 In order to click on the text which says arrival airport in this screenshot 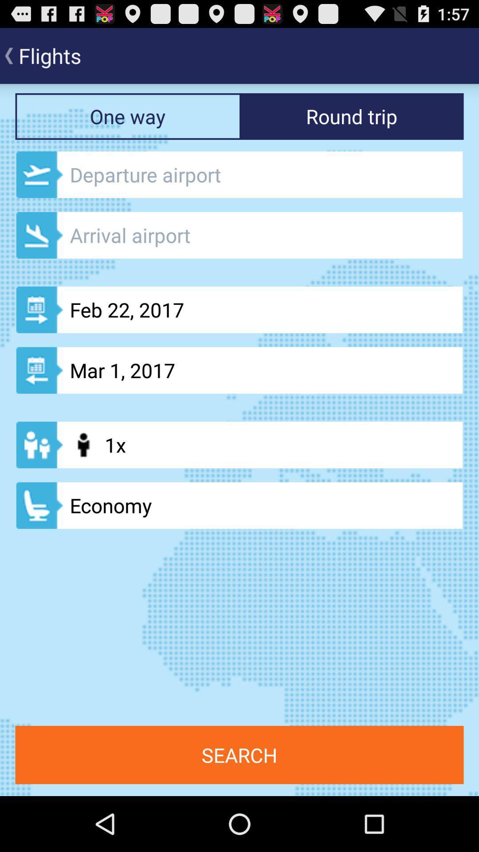, I will do `click(239, 235)`.